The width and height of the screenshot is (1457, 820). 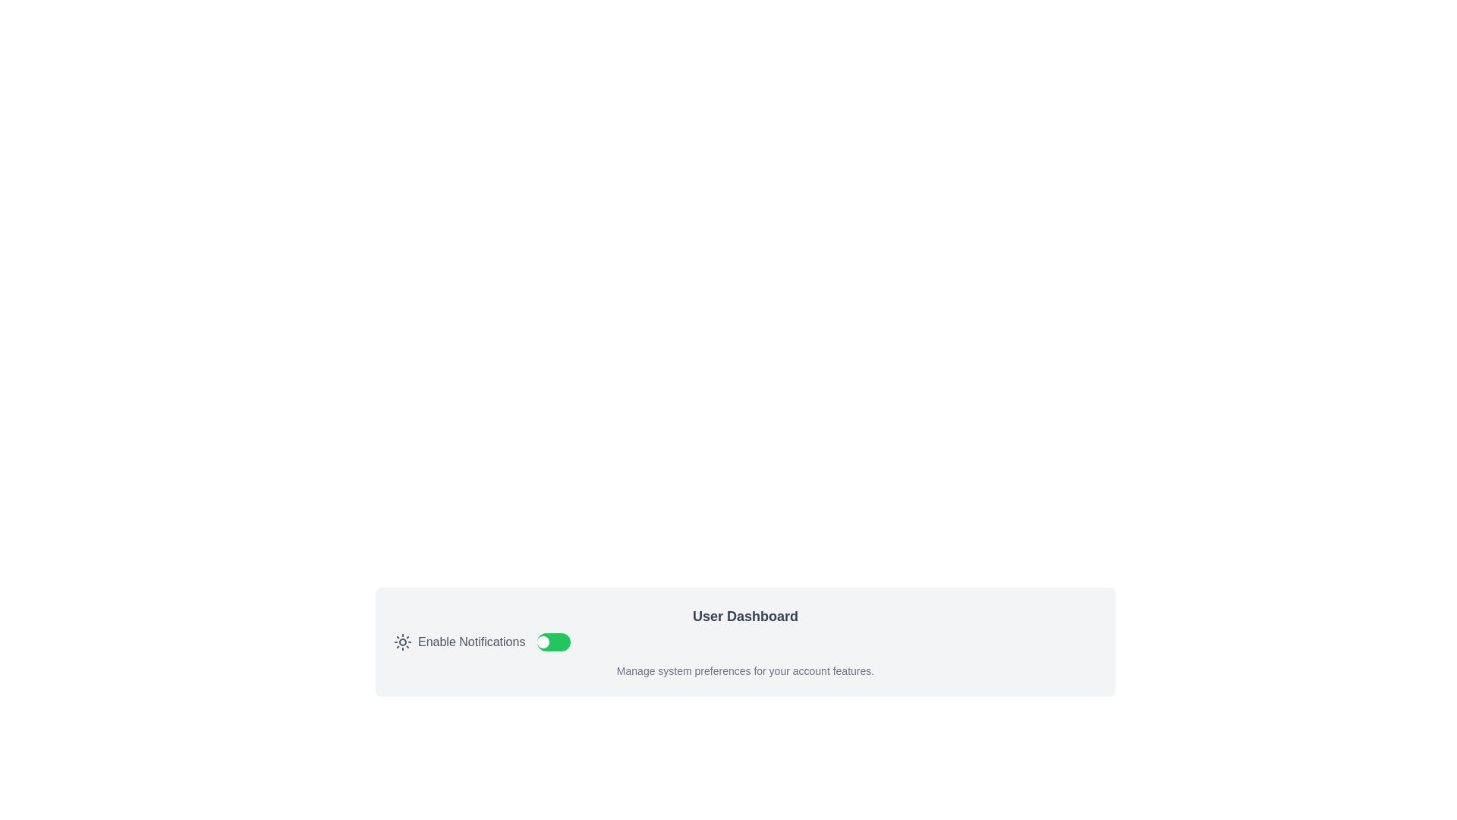 What do you see at coordinates (553, 642) in the screenshot?
I see `the toggle switch with a green background and a circular white handle on the right side, located to the right of 'Enable Notifications'` at bounding box center [553, 642].